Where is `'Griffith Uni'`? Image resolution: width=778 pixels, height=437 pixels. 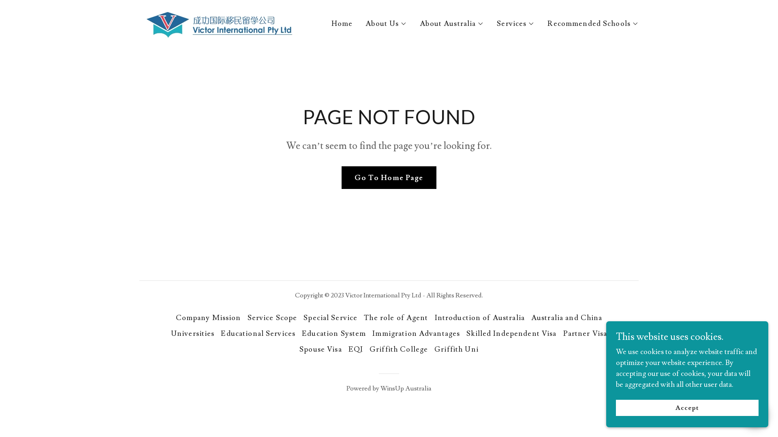 'Griffith Uni' is located at coordinates (456, 349).